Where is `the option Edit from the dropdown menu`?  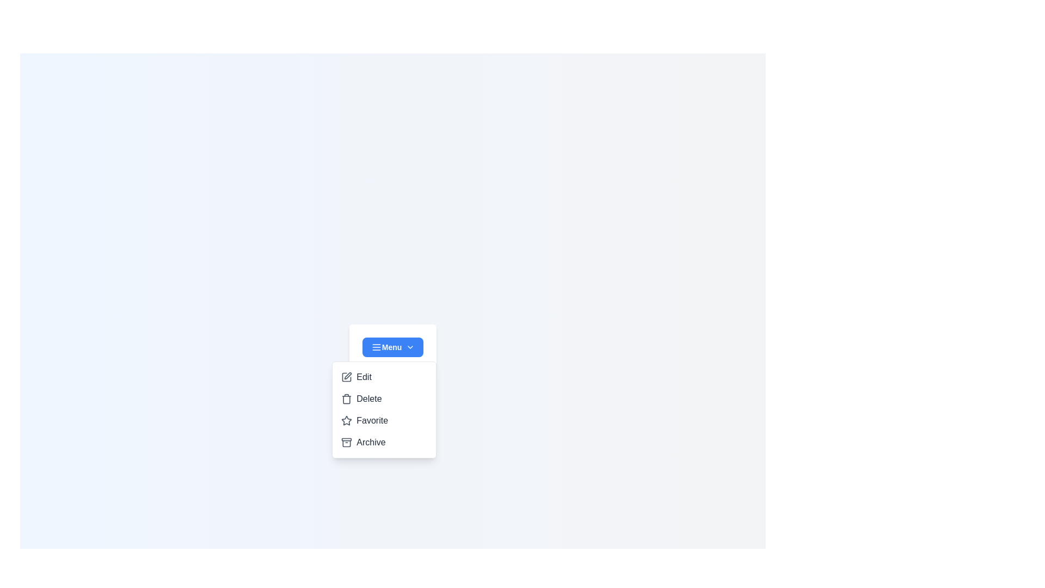
the option Edit from the dropdown menu is located at coordinates (384, 377).